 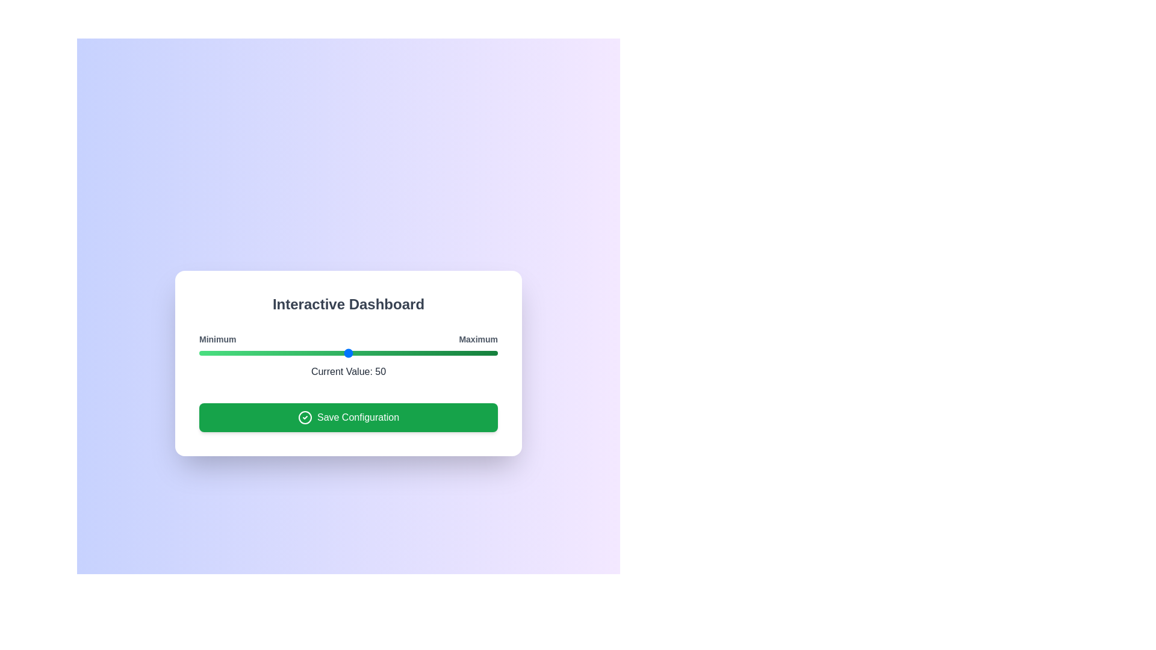 What do you see at coordinates (229, 352) in the screenshot?
I see `the slider to set its value to 10` at bounding box center [229, 352].